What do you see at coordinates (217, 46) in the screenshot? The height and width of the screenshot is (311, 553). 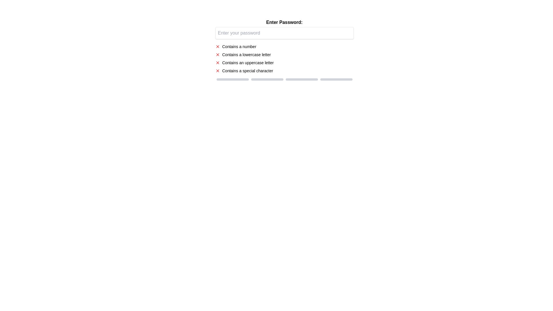 I see `the icon indicating that the password does not meet the criteria of containing a number, which is located to the left of the text 'Contains a number' under the password input field` at bounding box center [217, 46].